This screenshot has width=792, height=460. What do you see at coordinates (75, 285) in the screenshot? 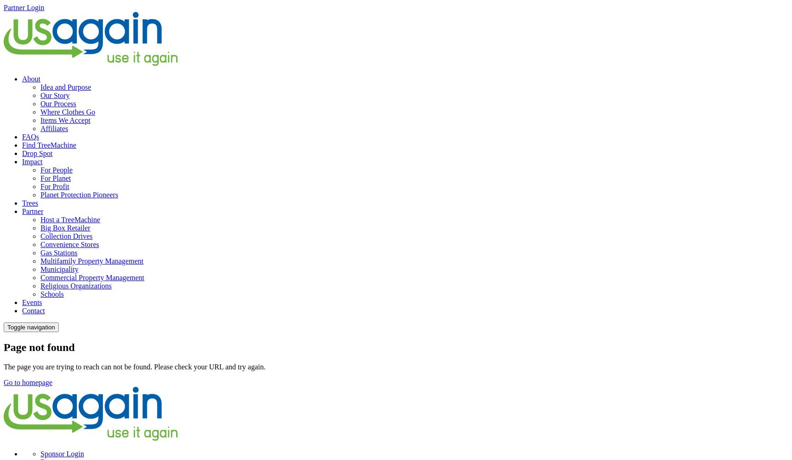
I see `'Religious Organizations'` at bounding box center [75, 285].